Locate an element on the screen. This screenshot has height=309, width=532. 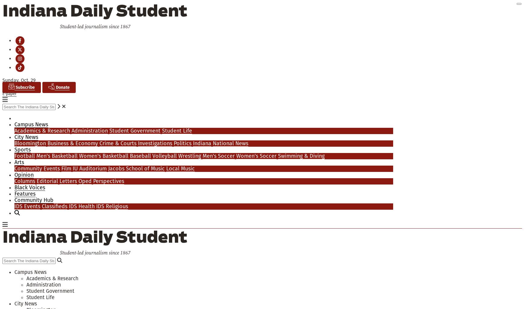
'Features' is located at coordinates (25, 193).